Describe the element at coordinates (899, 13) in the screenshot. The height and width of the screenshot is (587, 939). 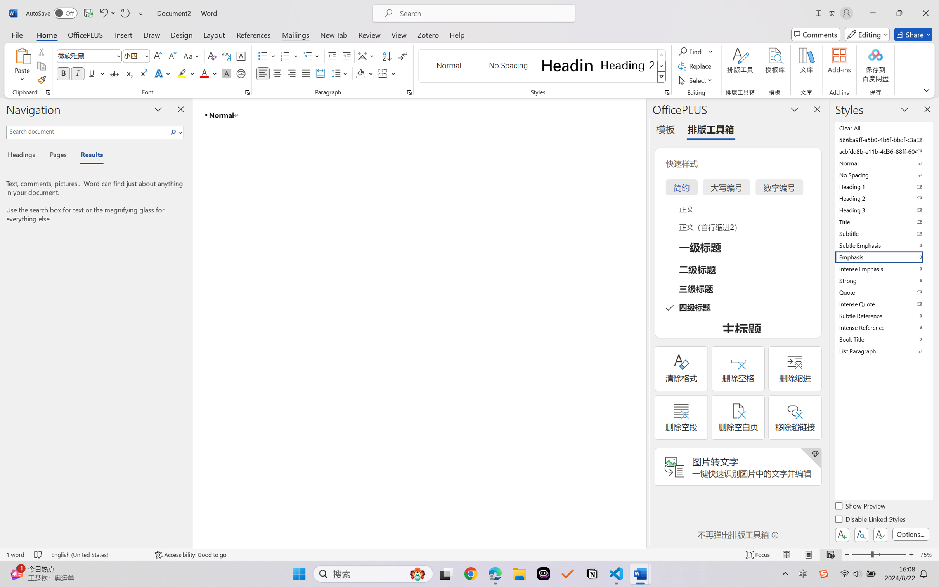
I see `'Restore Down'` at that location.